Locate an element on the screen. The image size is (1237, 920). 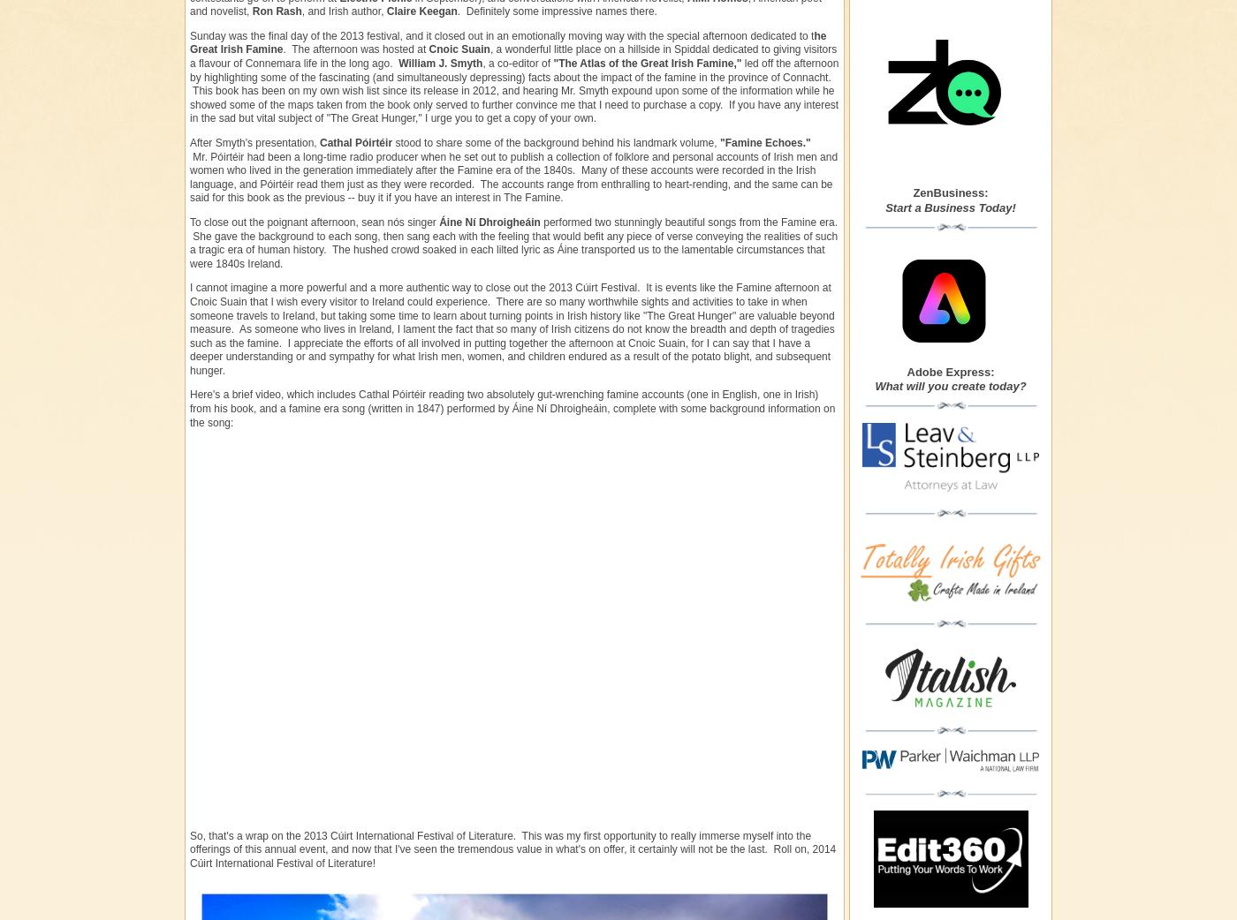
', a wonderful little place on a hillside in Spiddal dedicated to giving visitors a flavour of Connemara life in the long ago.' is located at coordinates (190, 55).